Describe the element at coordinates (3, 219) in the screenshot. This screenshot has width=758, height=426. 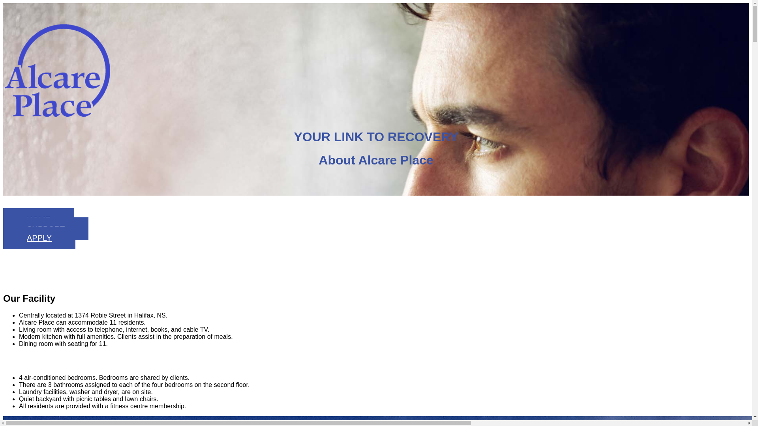
I see `'HOME'` at that location.